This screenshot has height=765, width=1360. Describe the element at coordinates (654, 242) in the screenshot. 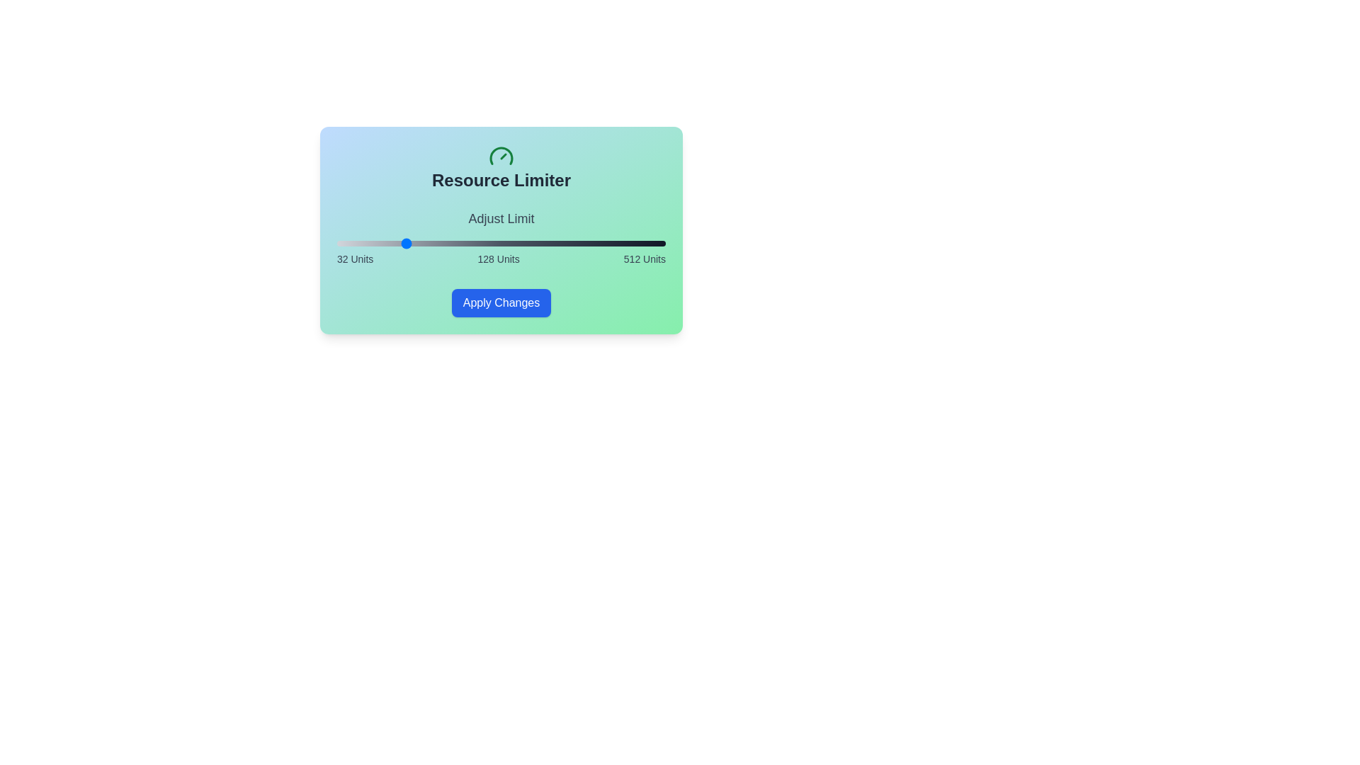

I see `the slider to set its value to 496` at that location.